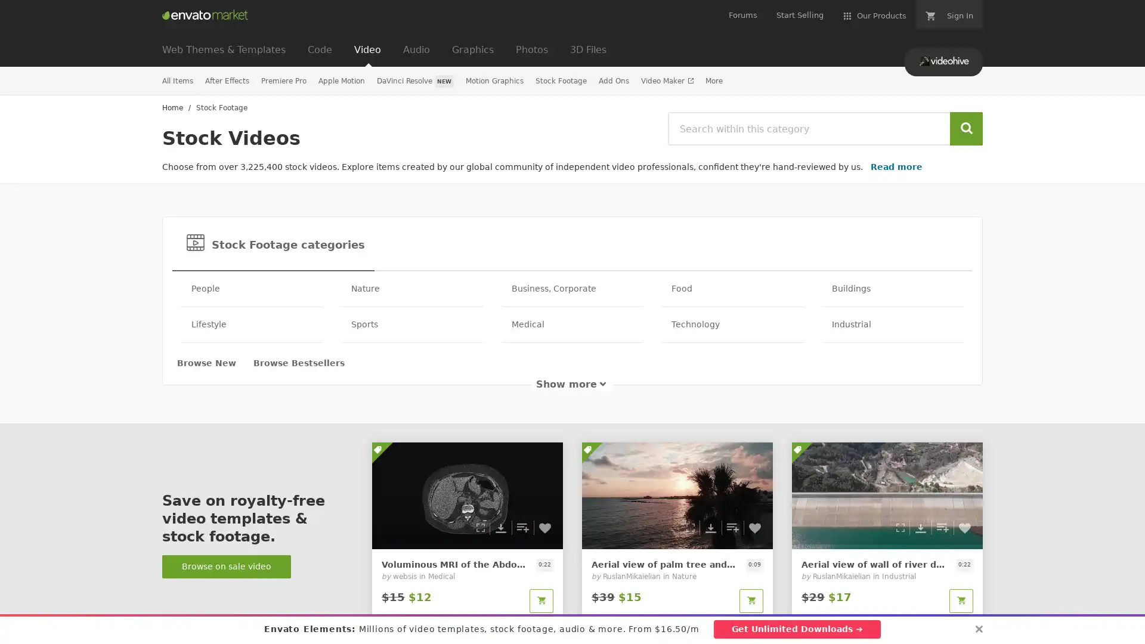  I want to click on Download preview, so click(501, 527).